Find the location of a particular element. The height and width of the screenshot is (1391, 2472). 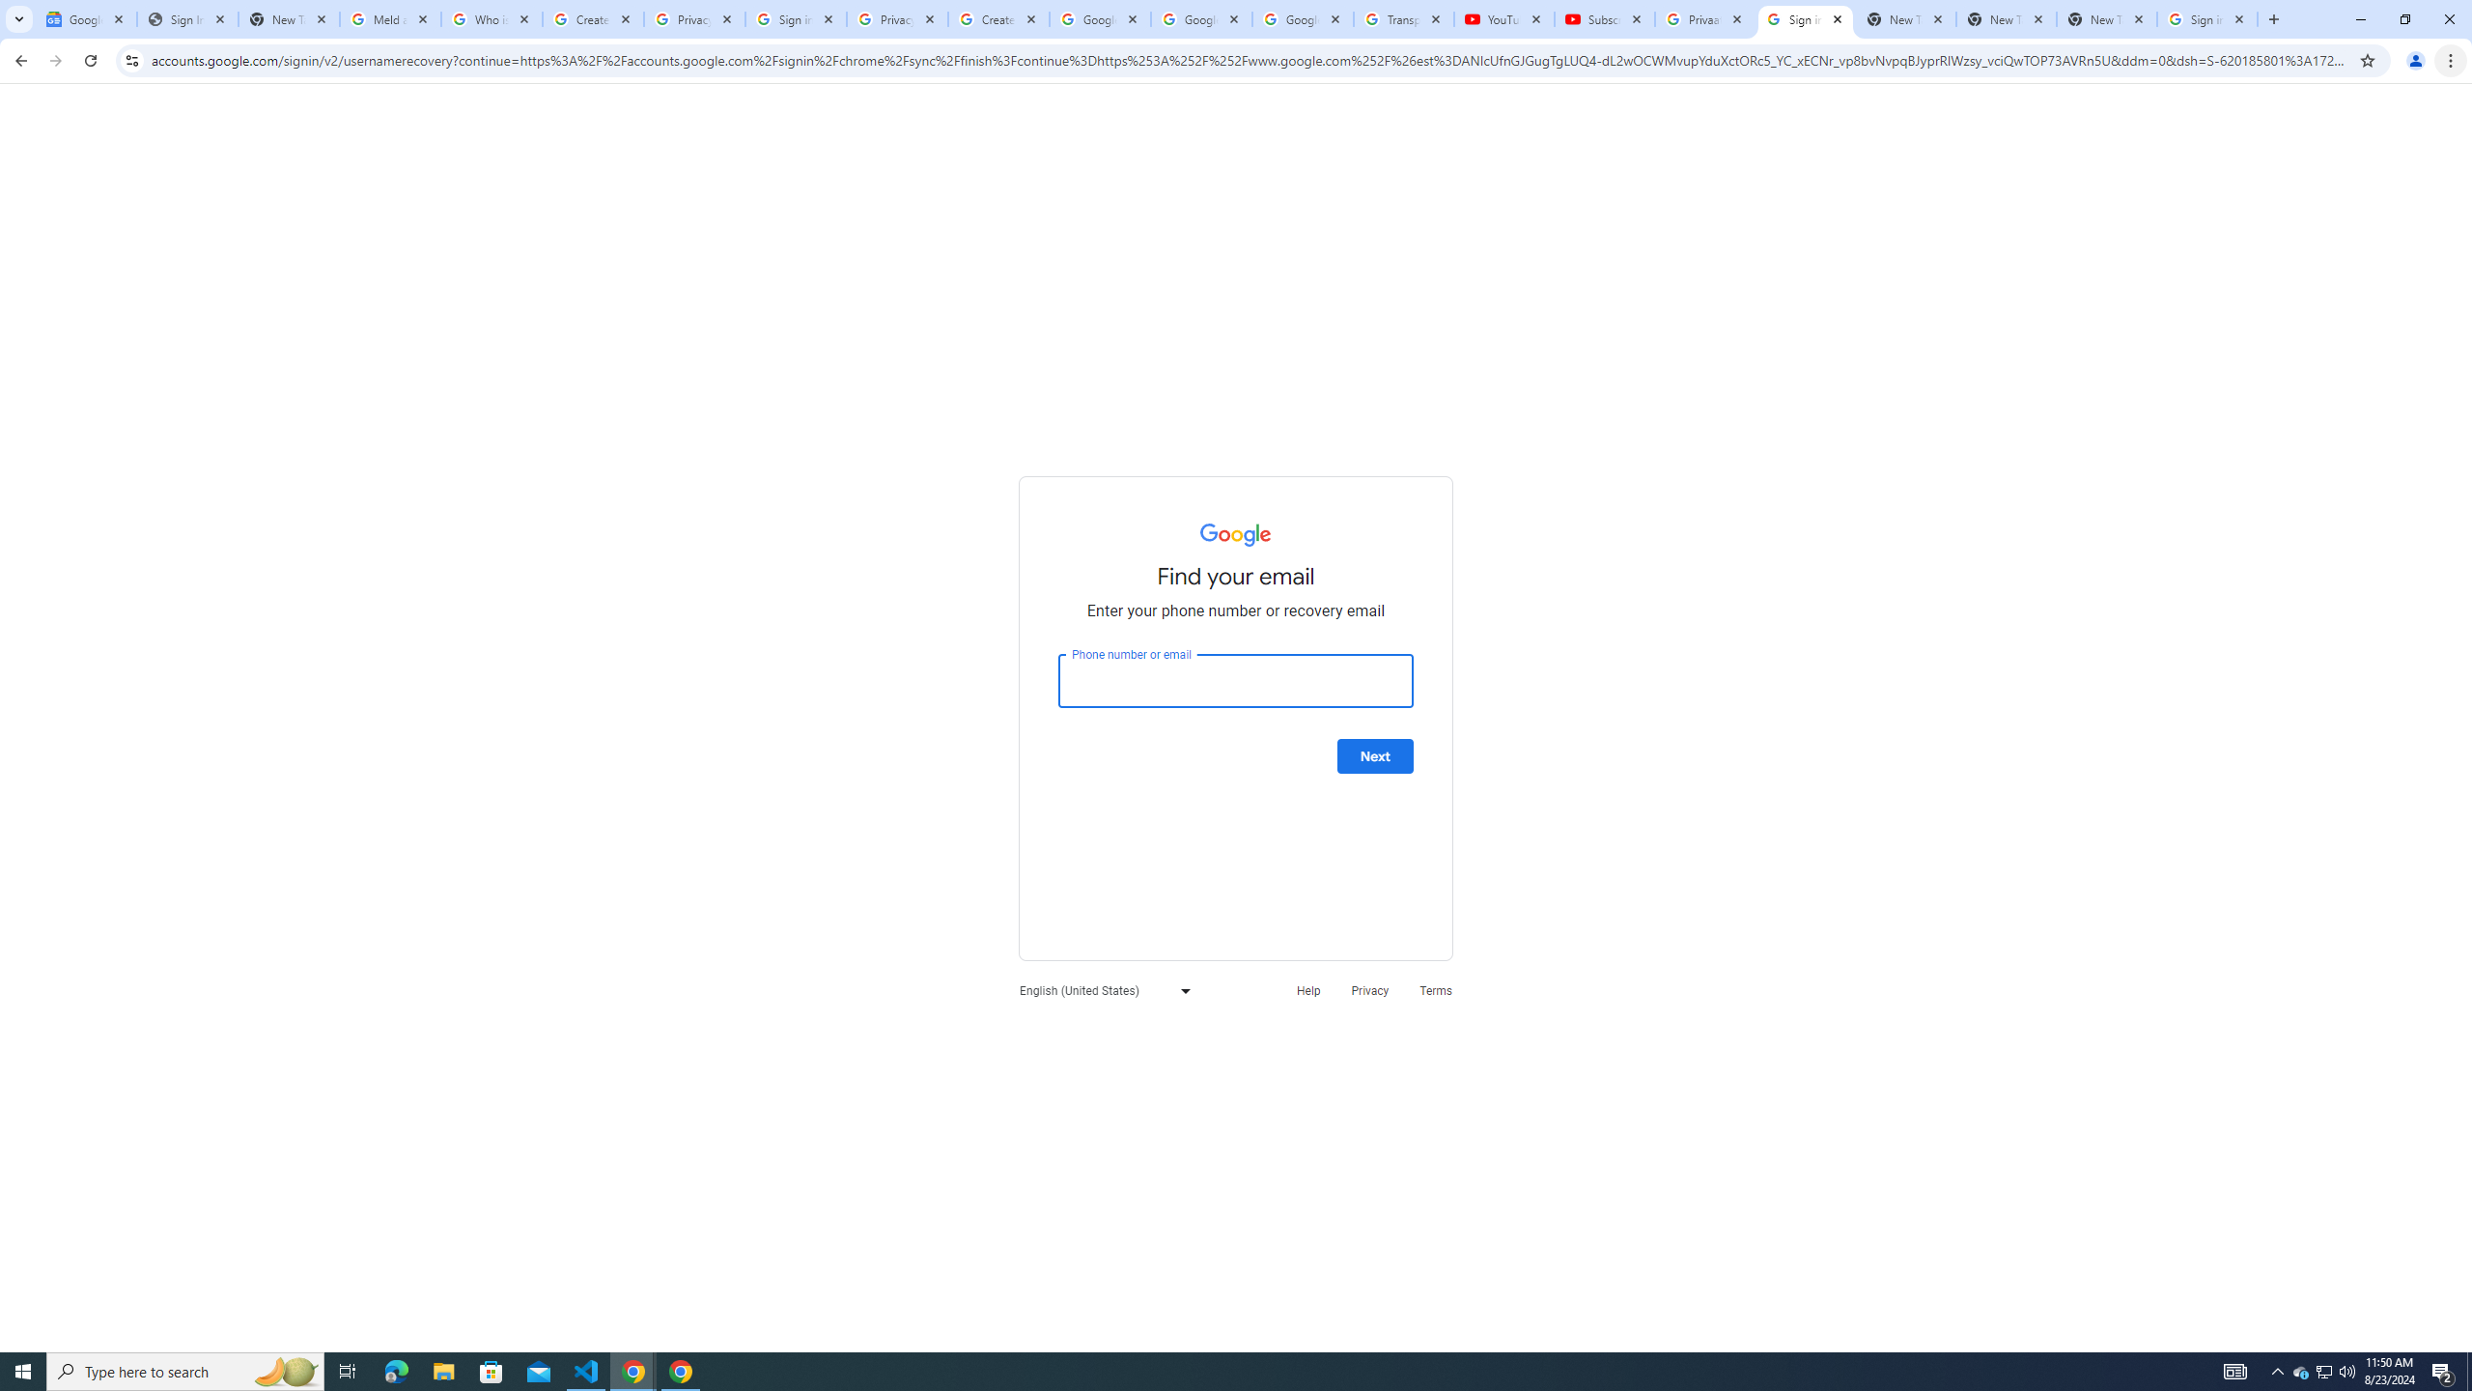

'Minimize' is located at coordinates (2359, 18).